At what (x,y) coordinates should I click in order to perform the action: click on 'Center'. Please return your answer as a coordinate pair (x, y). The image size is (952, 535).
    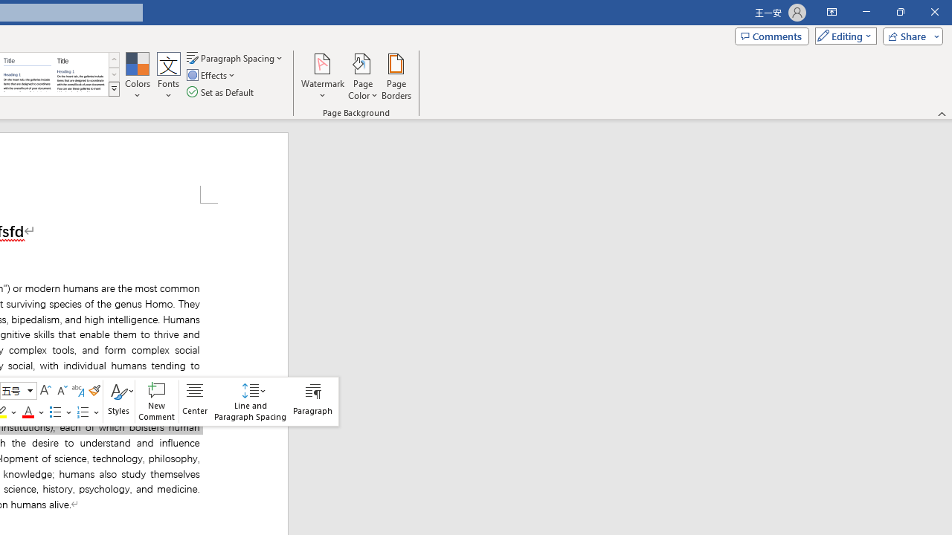
    Looking at the image, I should click on (194, 401).